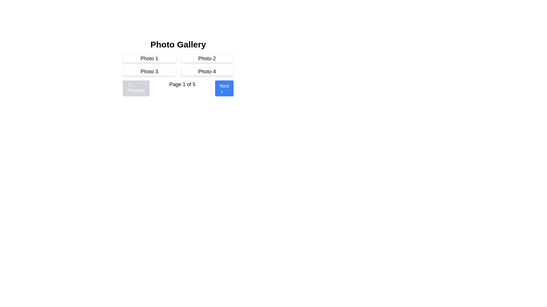 This screenshot has width=547, height=307. Describe the element at coordinates (207, 71) in the screenshot. I see `the interactive button for 'Photo 4'` at that location.